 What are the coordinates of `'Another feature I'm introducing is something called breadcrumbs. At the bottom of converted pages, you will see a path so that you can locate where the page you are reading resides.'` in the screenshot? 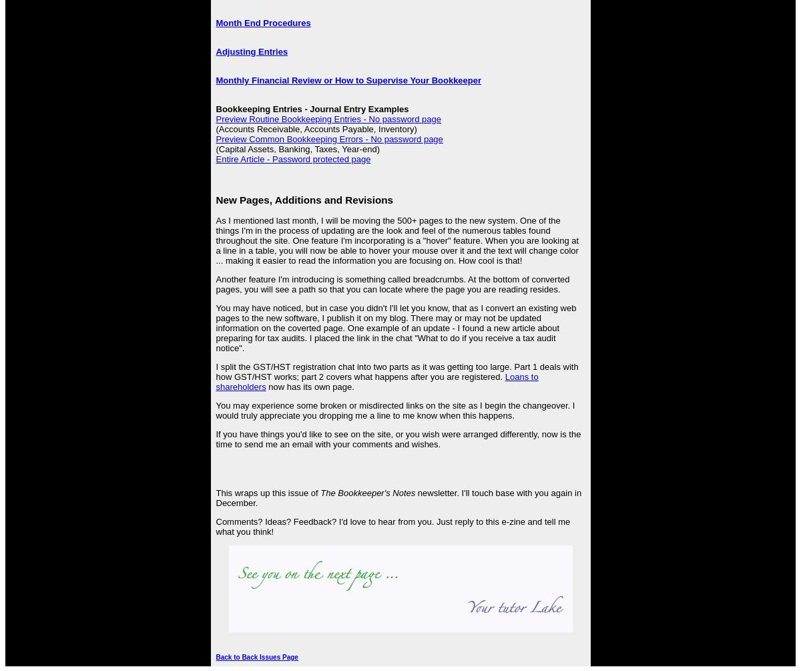 It's located at (216, 284).